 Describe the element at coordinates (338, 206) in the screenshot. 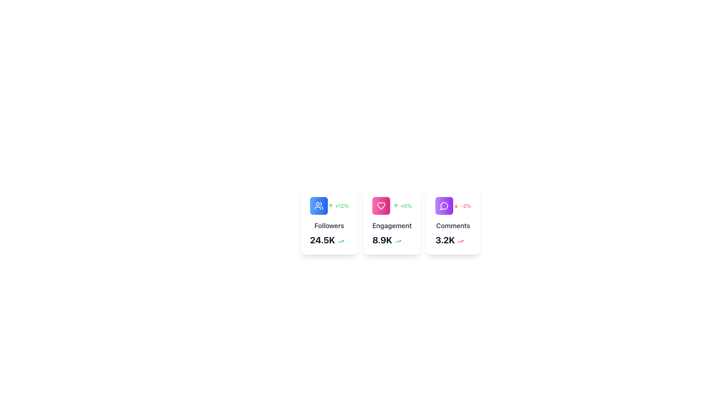

I see `and interpret the percentage value '+12%' located in the 'Followers' card, which is represented by a green upward-facing arrow icon` at that location.